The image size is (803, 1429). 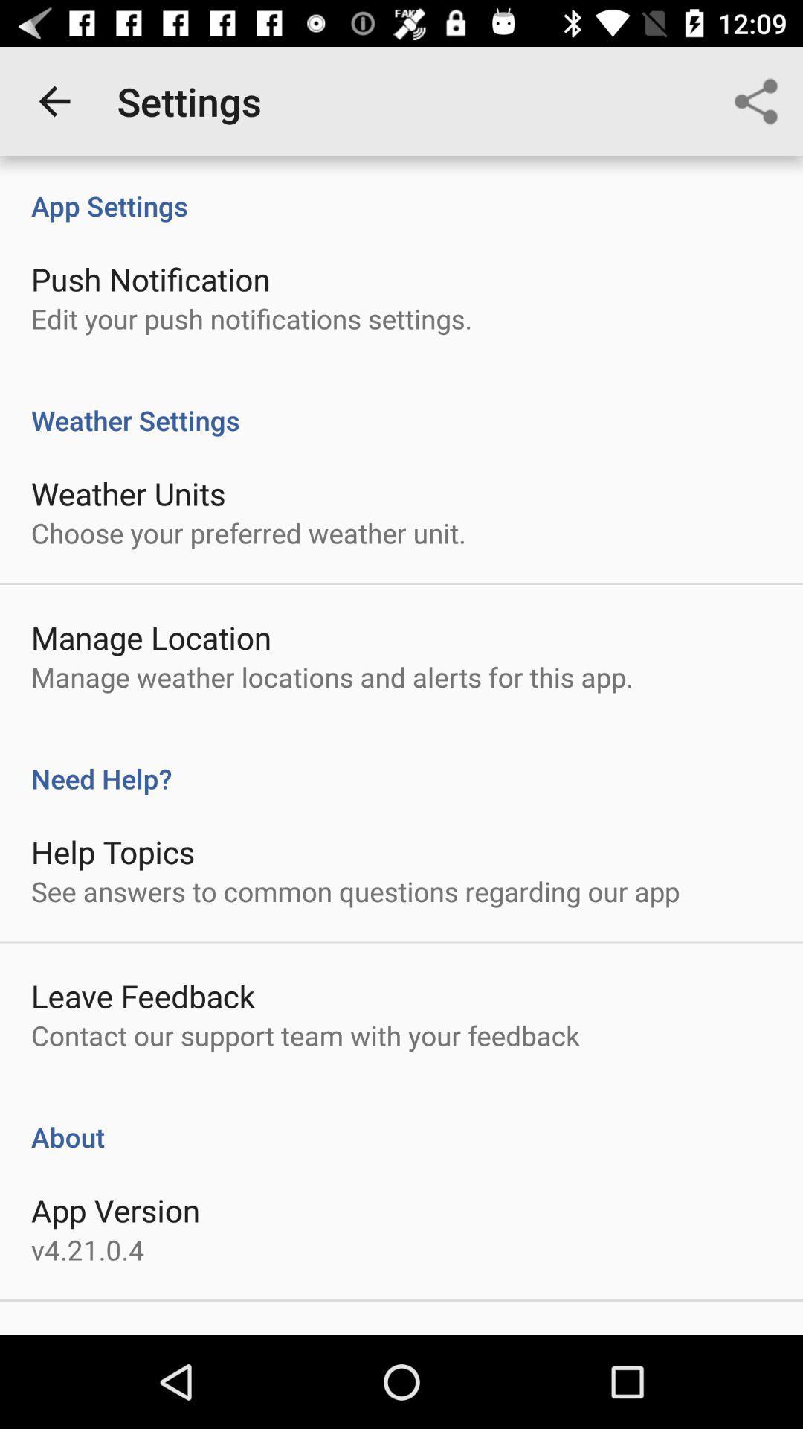 I want to click on item next to settings  icon, so click(x=756, y=100).